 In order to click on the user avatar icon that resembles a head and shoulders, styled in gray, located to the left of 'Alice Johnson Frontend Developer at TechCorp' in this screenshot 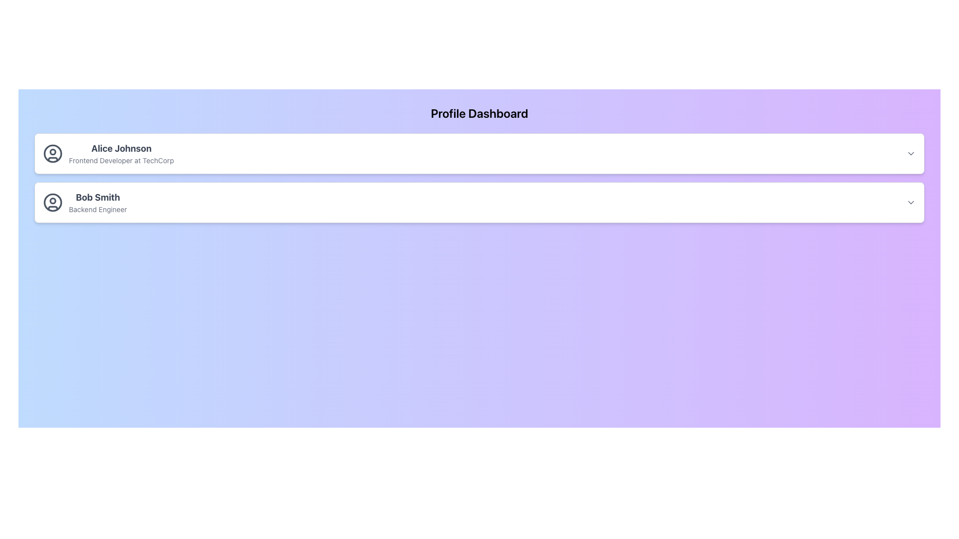, I will do `click(52, 154)`.